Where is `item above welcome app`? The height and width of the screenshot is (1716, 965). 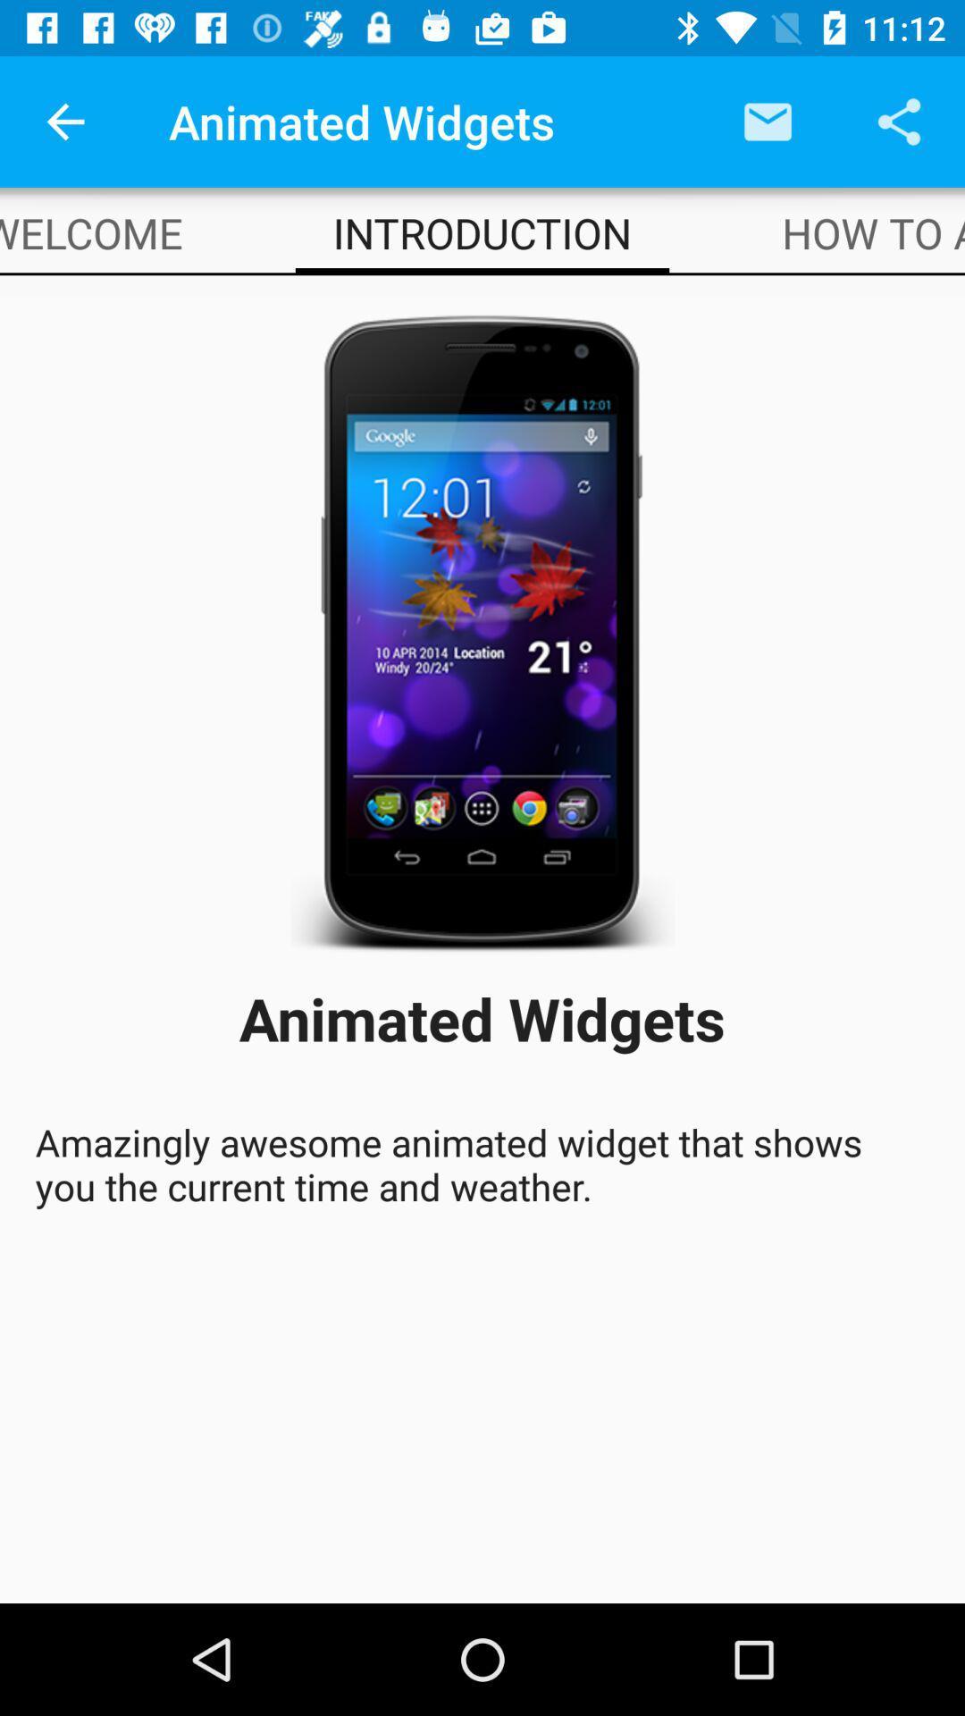
item above welcome app is located at coordinates (64, 121).